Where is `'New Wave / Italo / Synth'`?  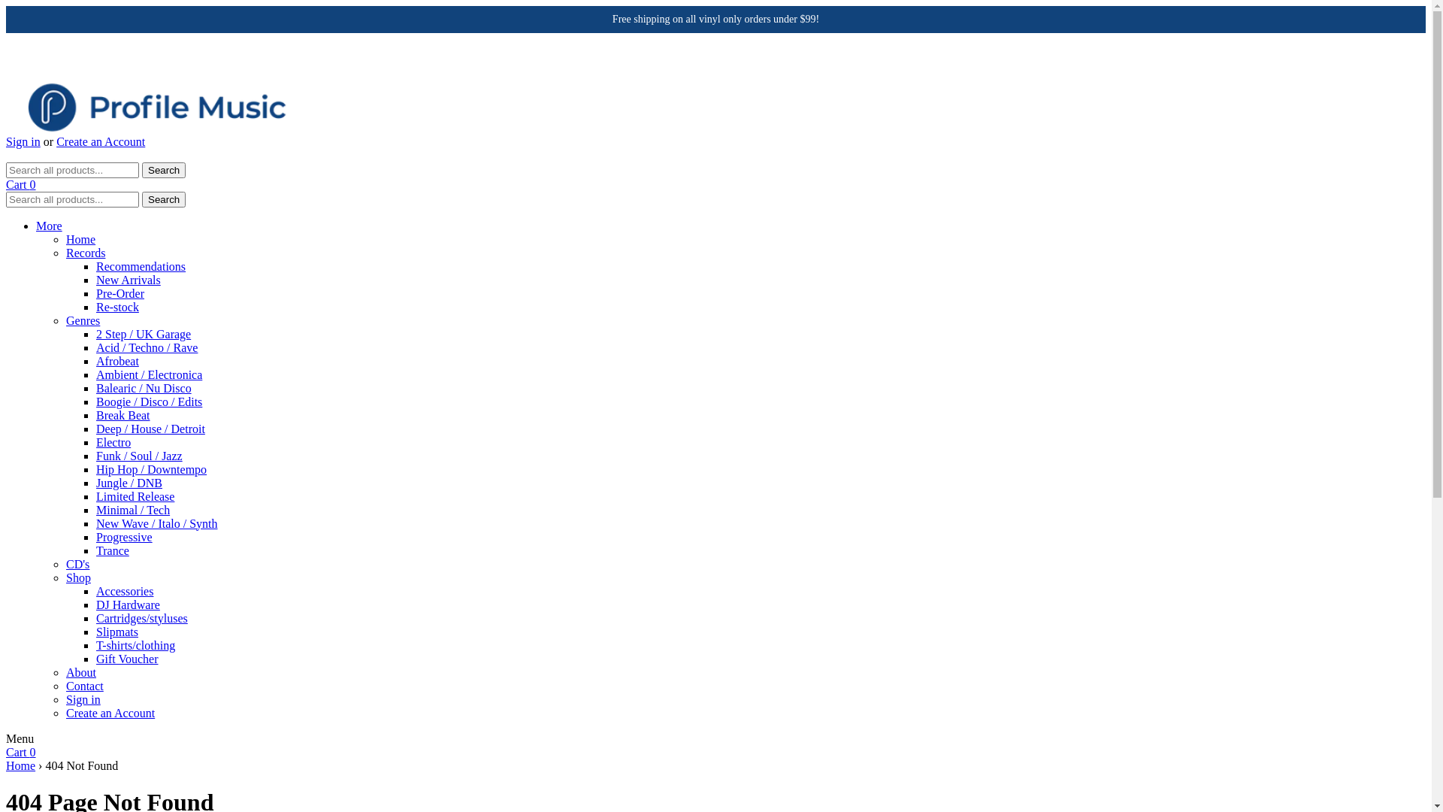
'New Wave / Italo / Synth' is located at coordinates (157, 523).